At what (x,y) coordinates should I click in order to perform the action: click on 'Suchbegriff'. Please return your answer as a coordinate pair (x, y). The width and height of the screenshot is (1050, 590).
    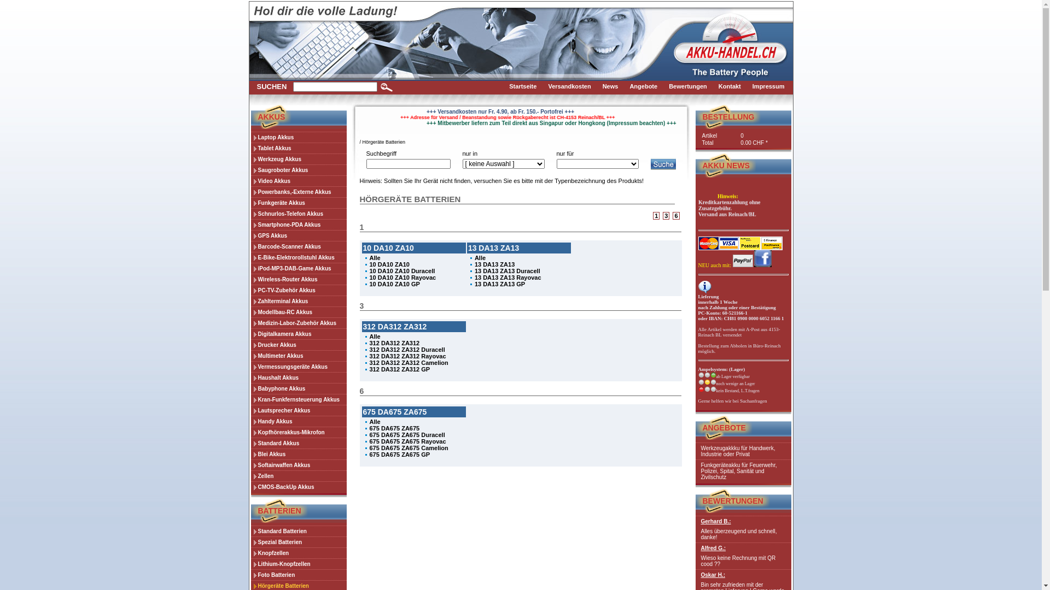
    Looking at the image, I should click on (408, 164).